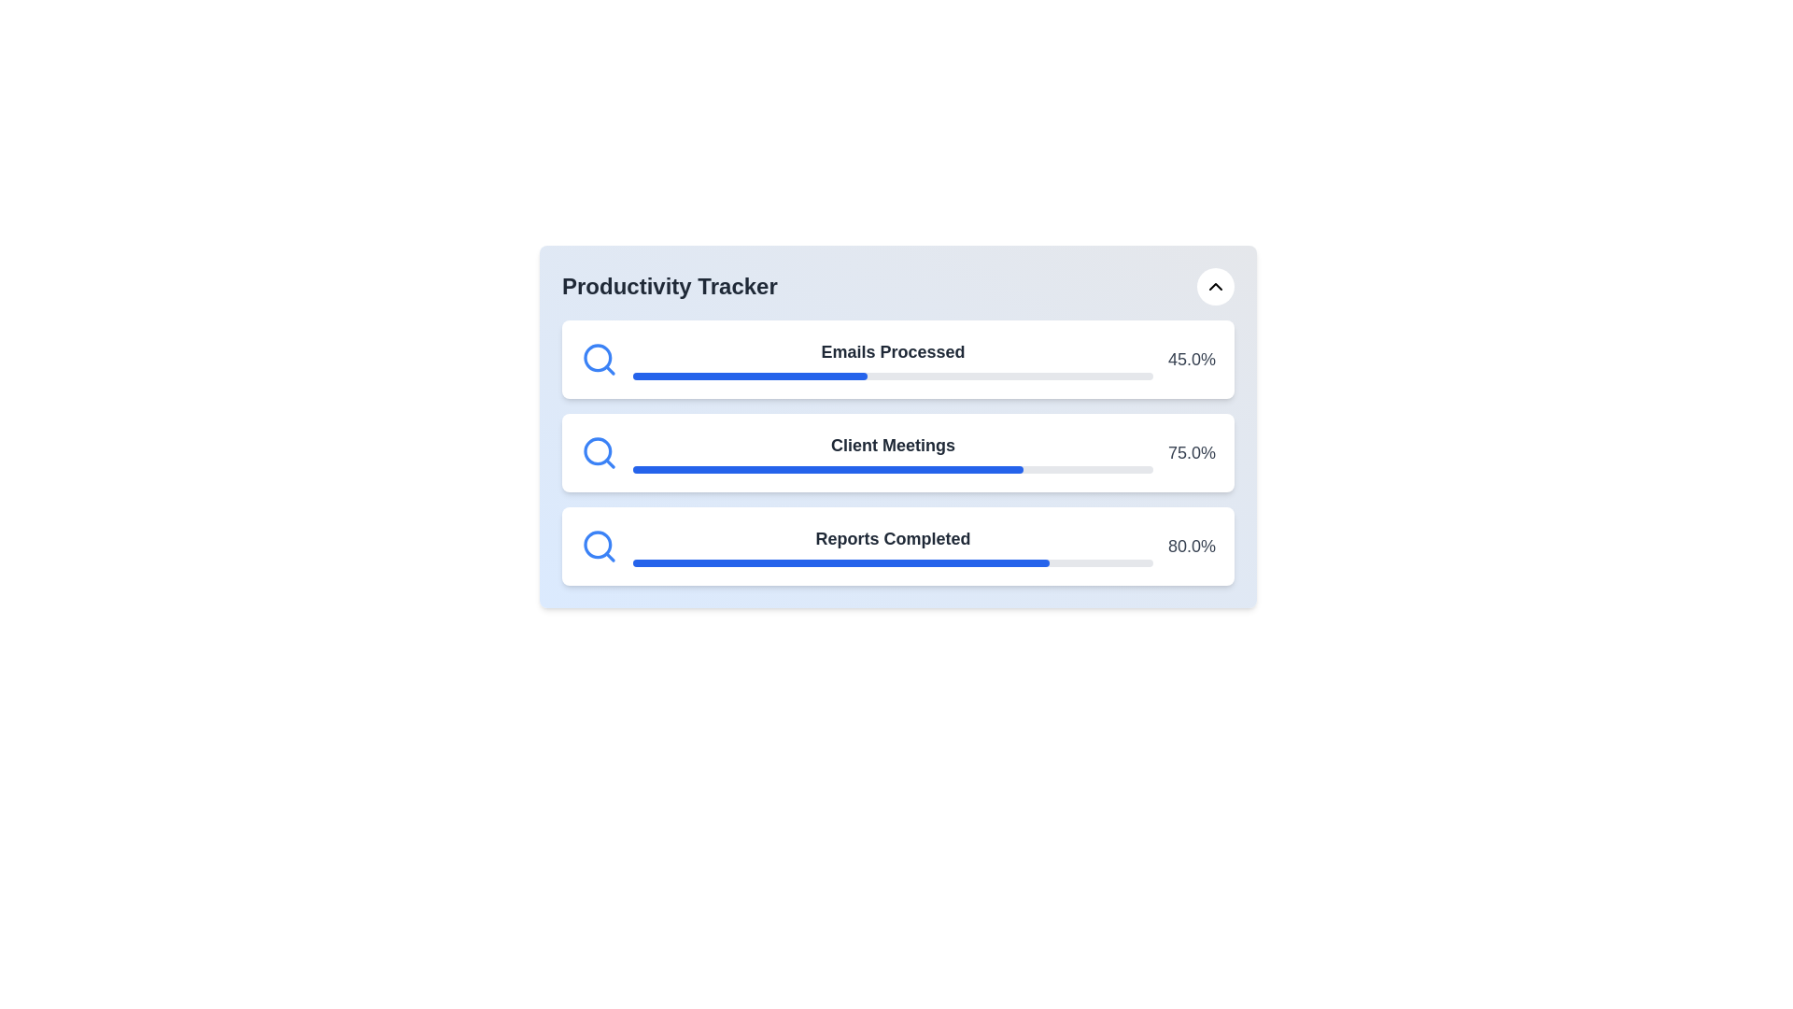  Describe the element at coordinates (1191, 547) in the screenshot. I see `the text display indicating that 80% of the 'Reports Completed' task has been achieved, located in the bottom panel to the far right of the progress bar` at that location.